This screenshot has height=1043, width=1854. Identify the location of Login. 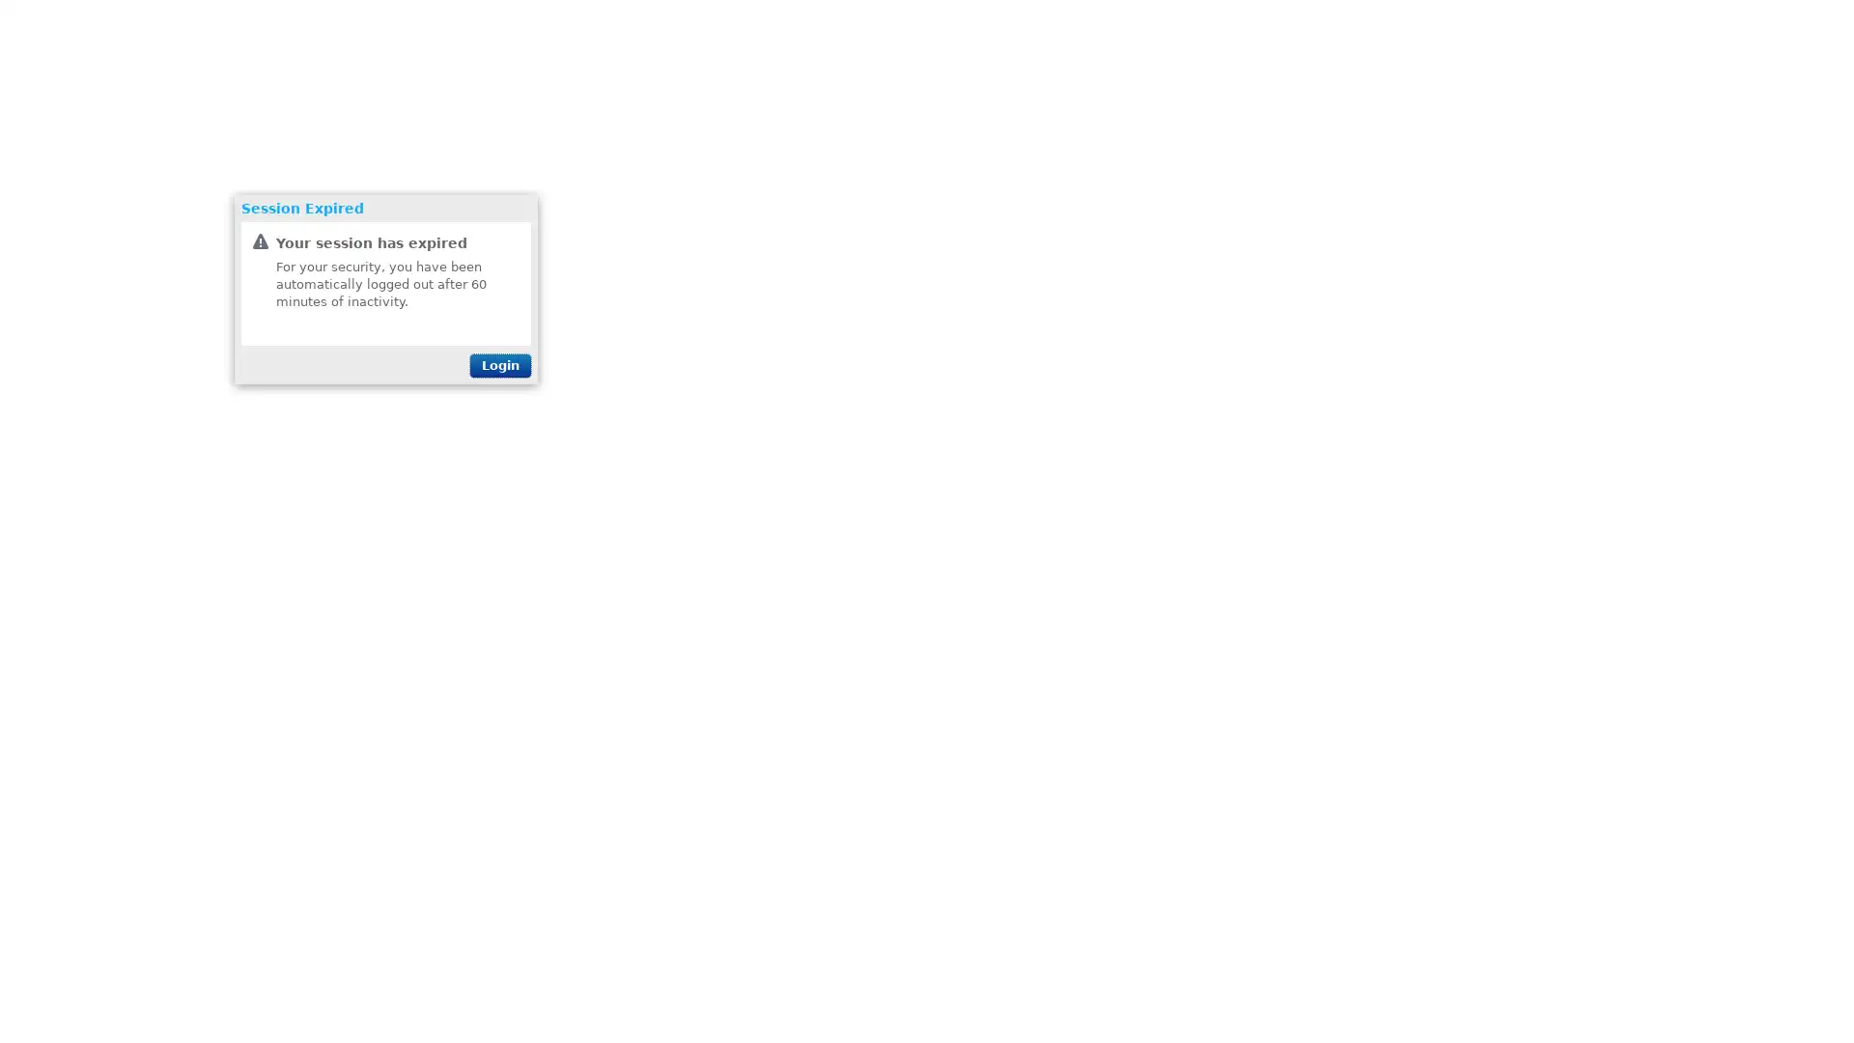
(500, 365).